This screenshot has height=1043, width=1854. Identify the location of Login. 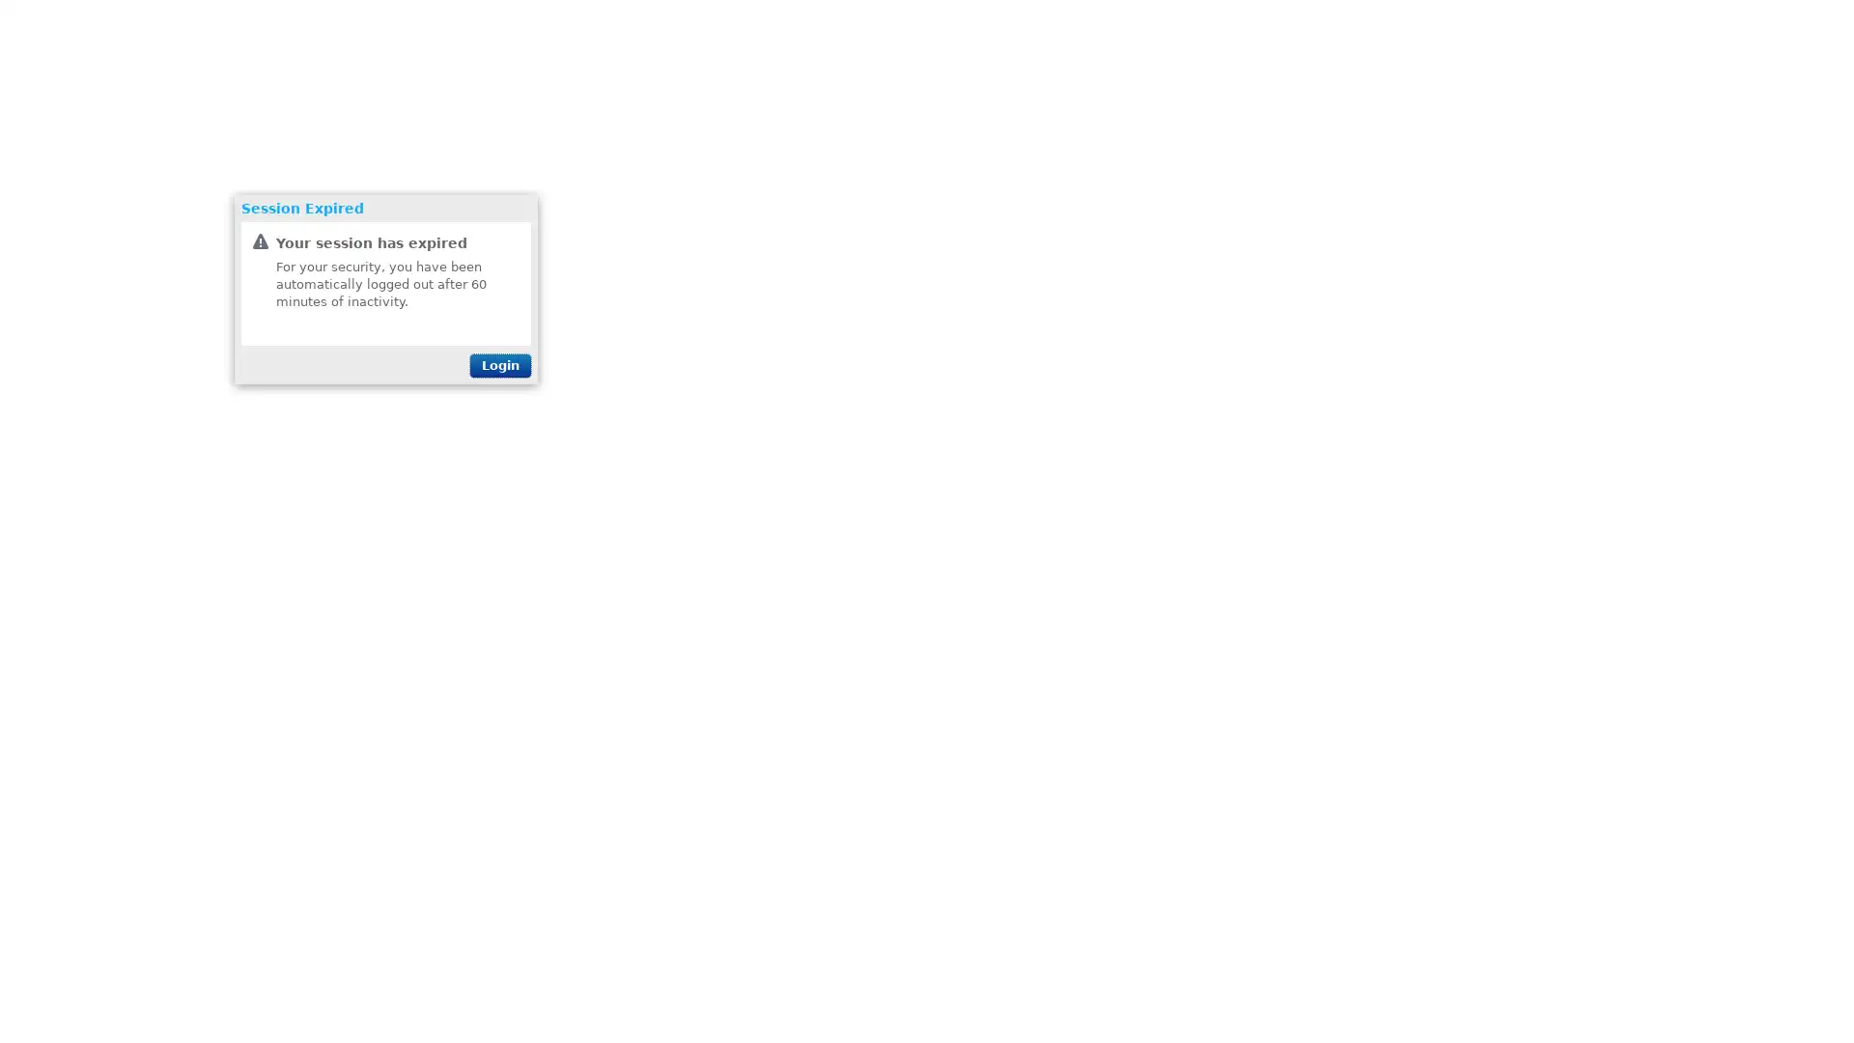
(500, 365).